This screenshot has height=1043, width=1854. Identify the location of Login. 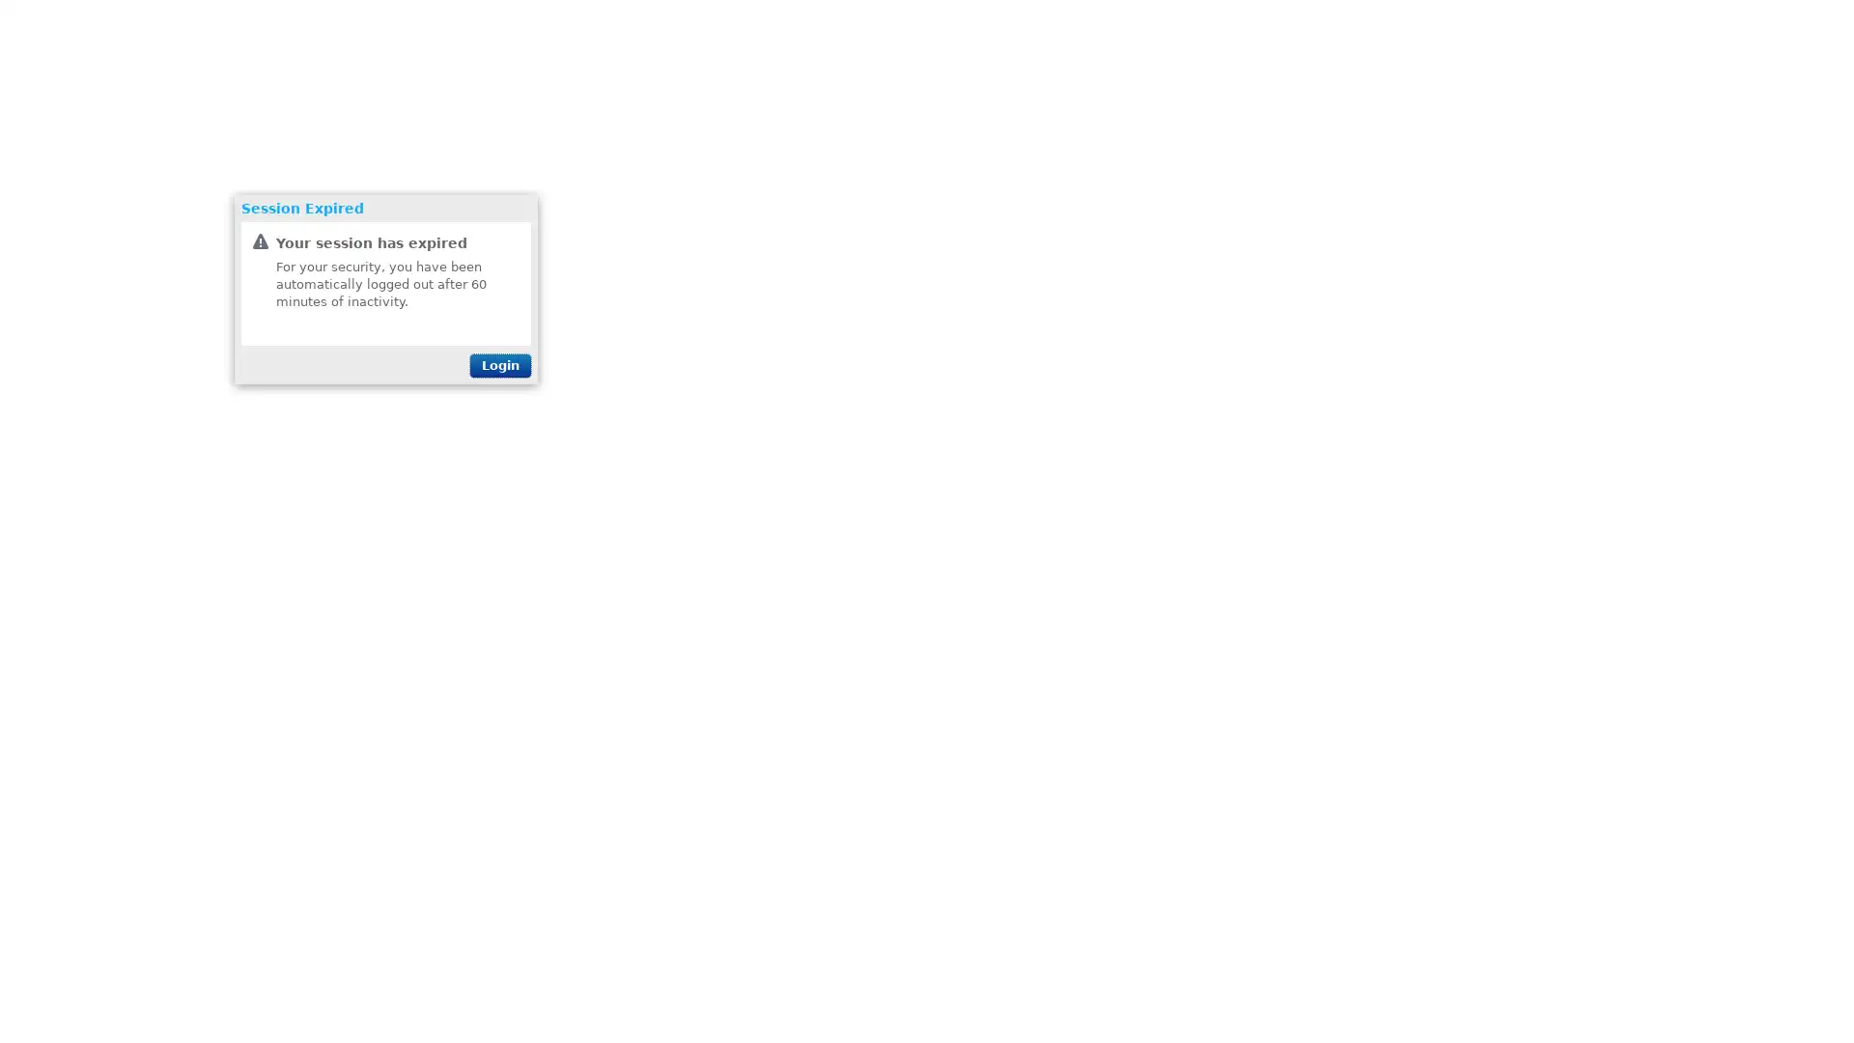
(500, 365).